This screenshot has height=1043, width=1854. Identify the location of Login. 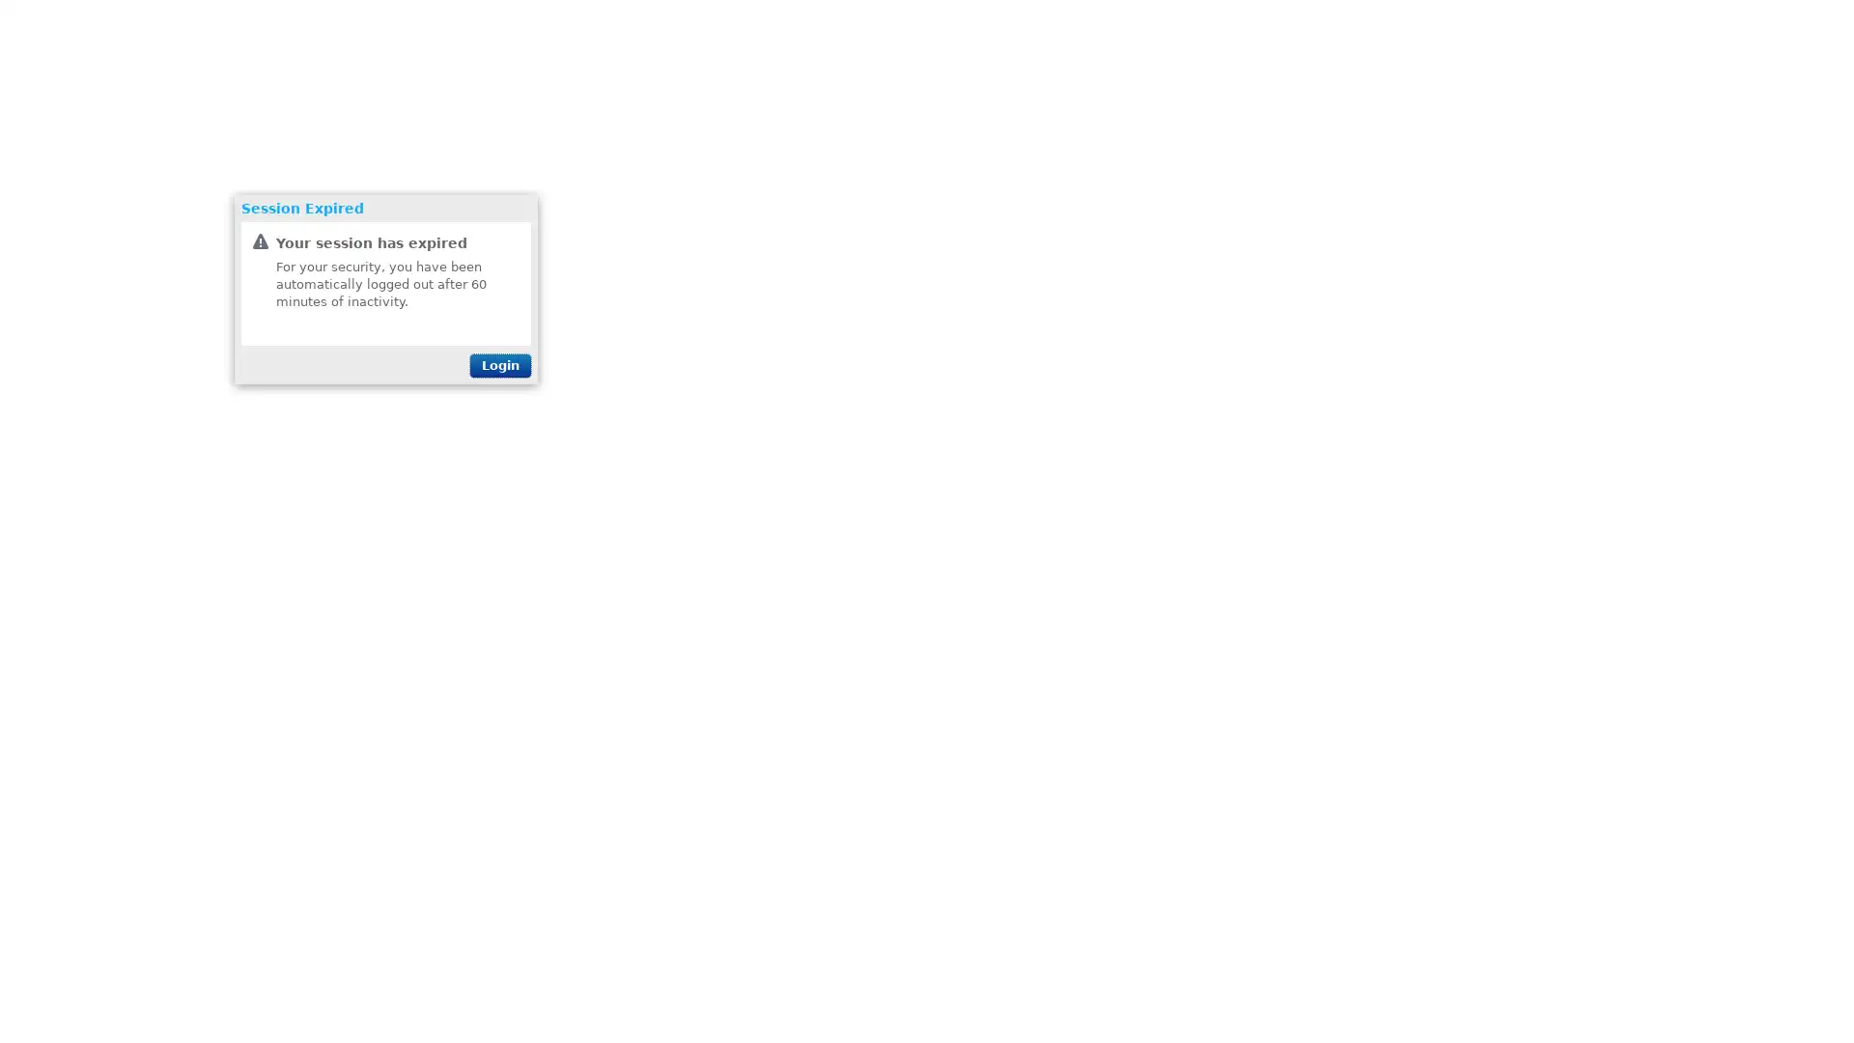
(500, 365).